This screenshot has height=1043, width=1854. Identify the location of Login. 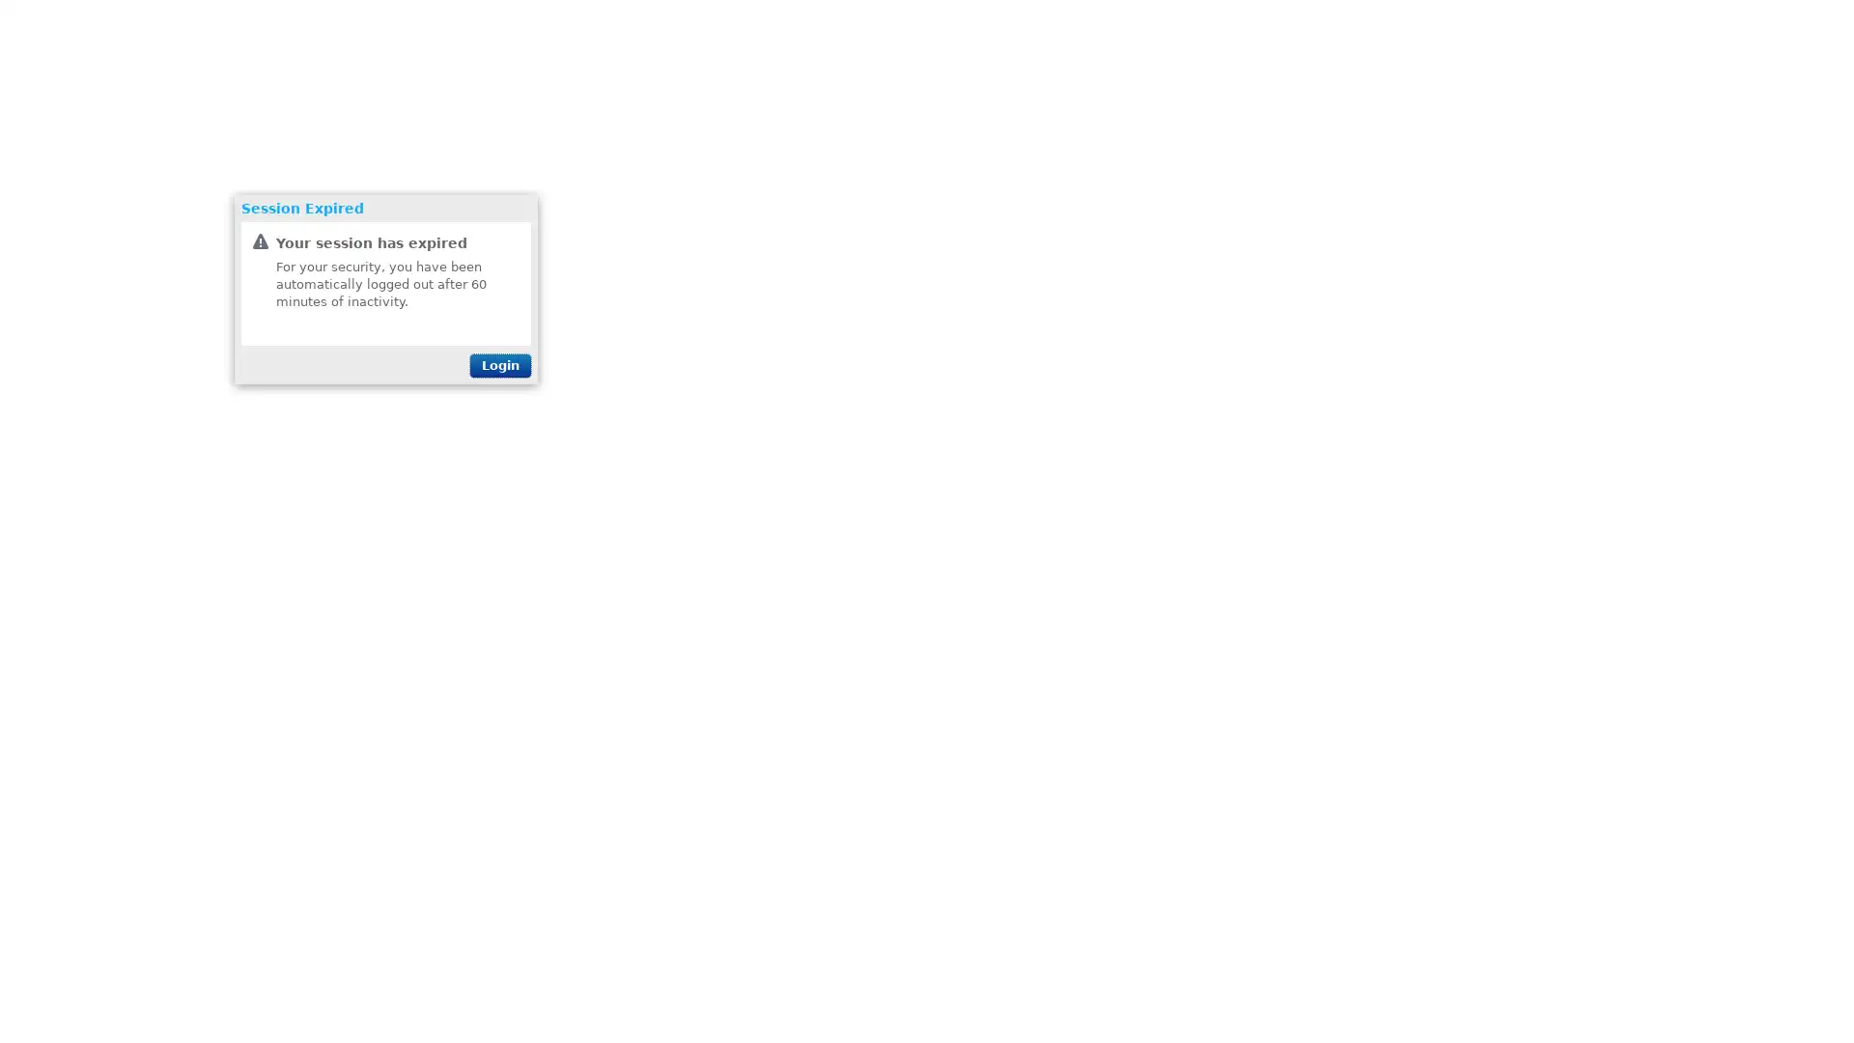
(500, 365).